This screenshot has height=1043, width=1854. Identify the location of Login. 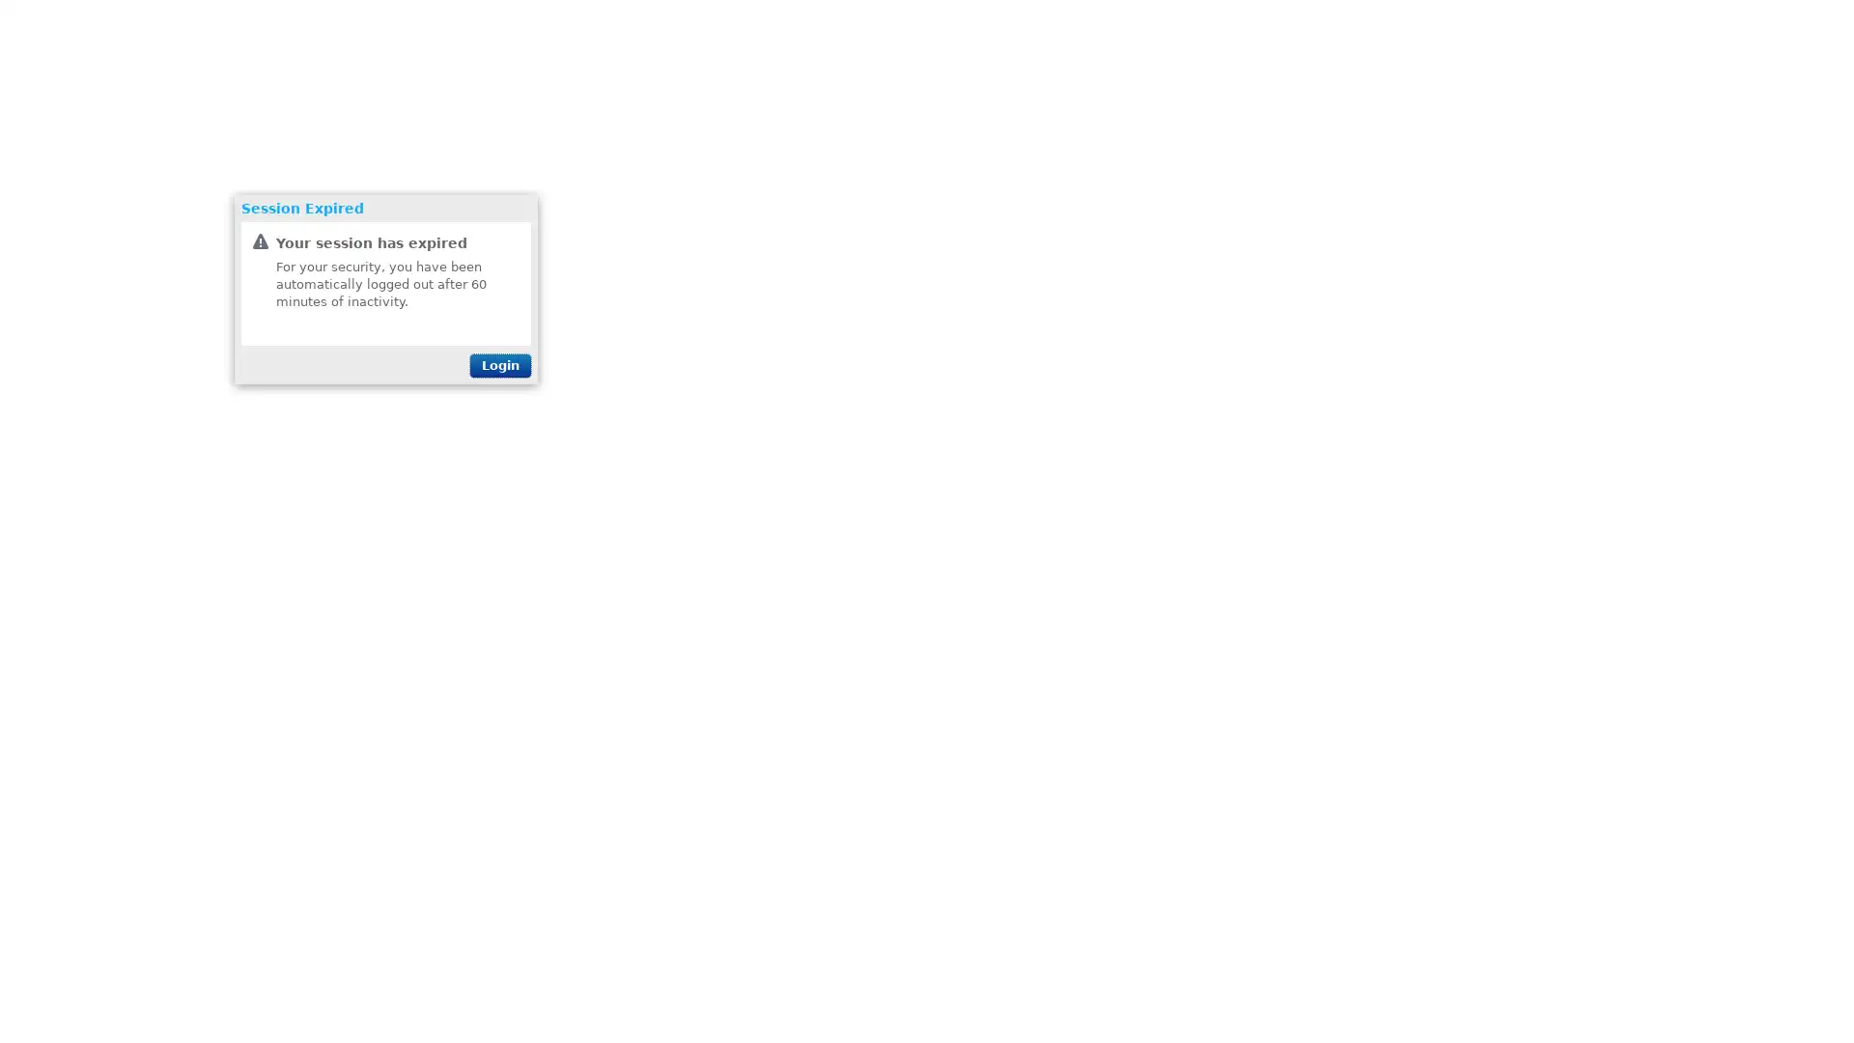
(500, 365).